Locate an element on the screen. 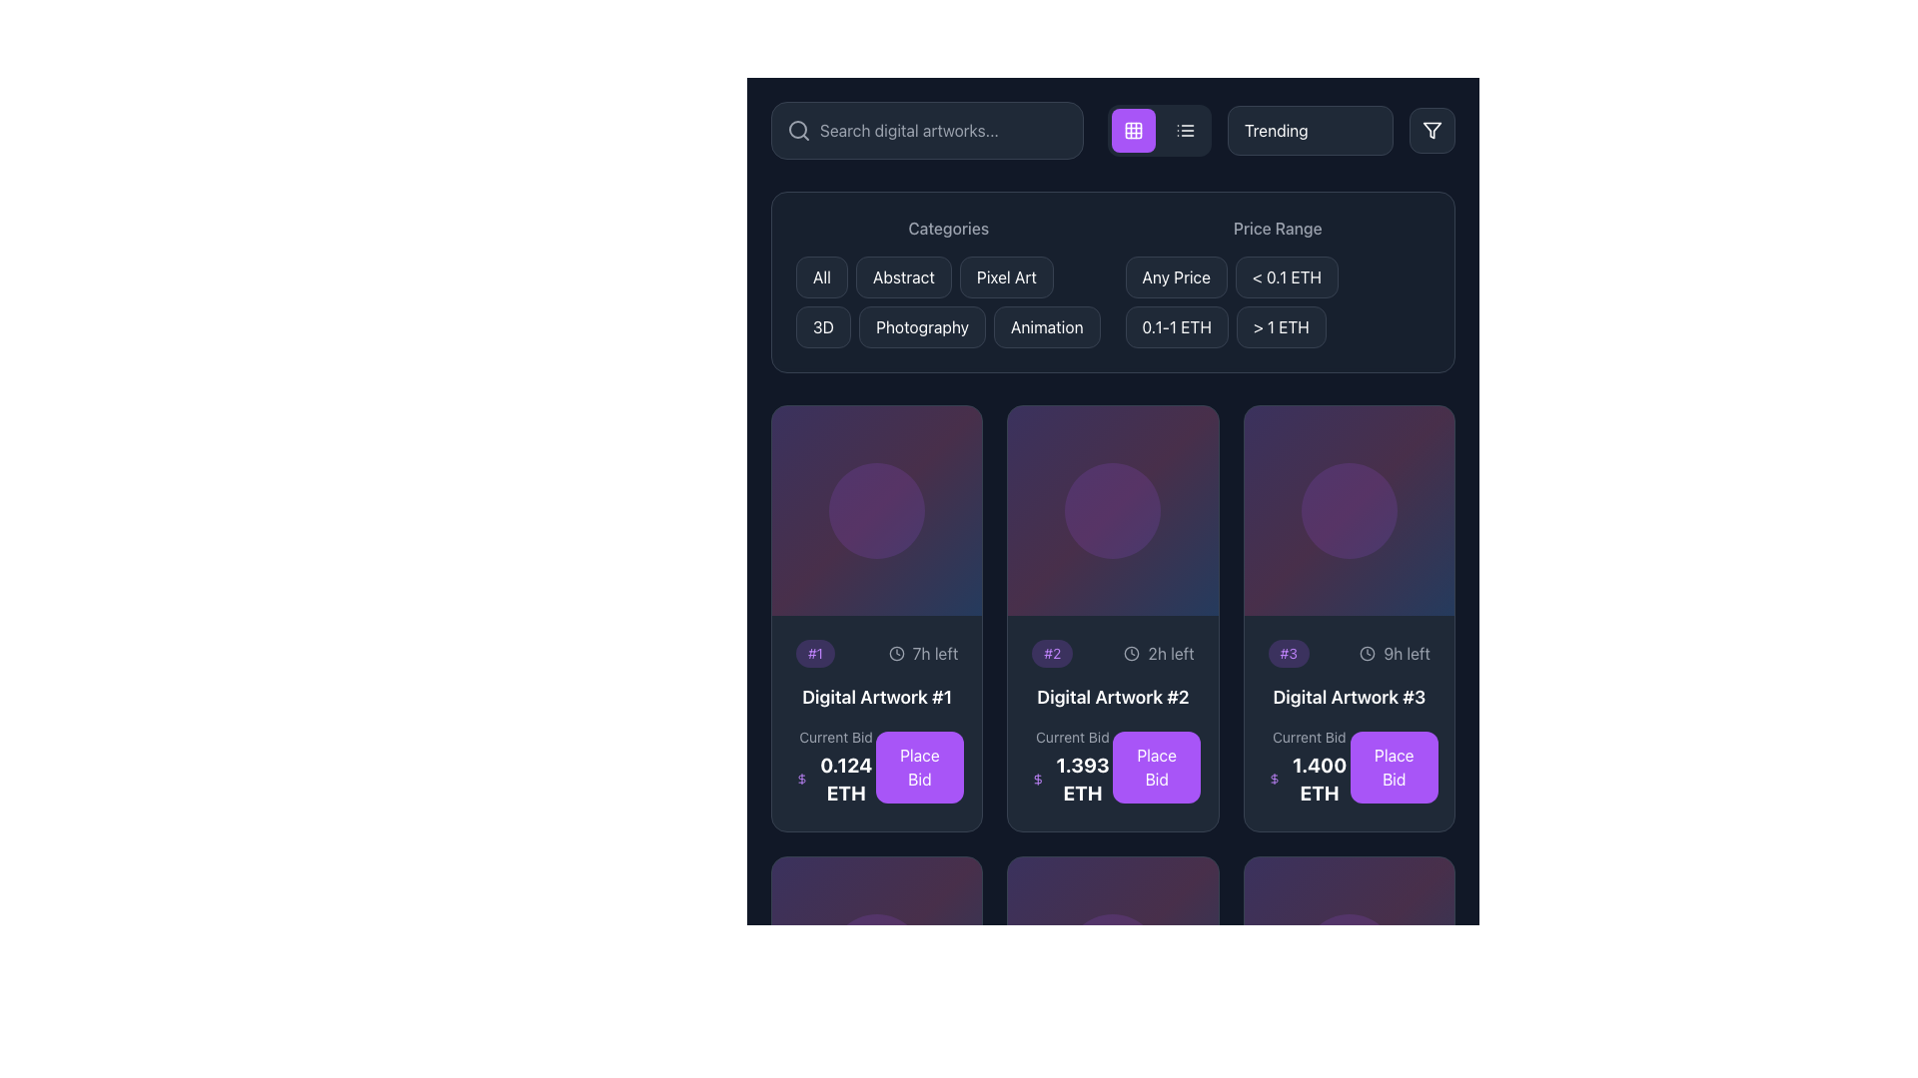 The height and width of the screenshot is (1078, 1918). the interactive panel displaying the current bid value and the 'Place Bid' button for the item labeled 'Digital Artwork #1' is located at coordinates (877, 767).